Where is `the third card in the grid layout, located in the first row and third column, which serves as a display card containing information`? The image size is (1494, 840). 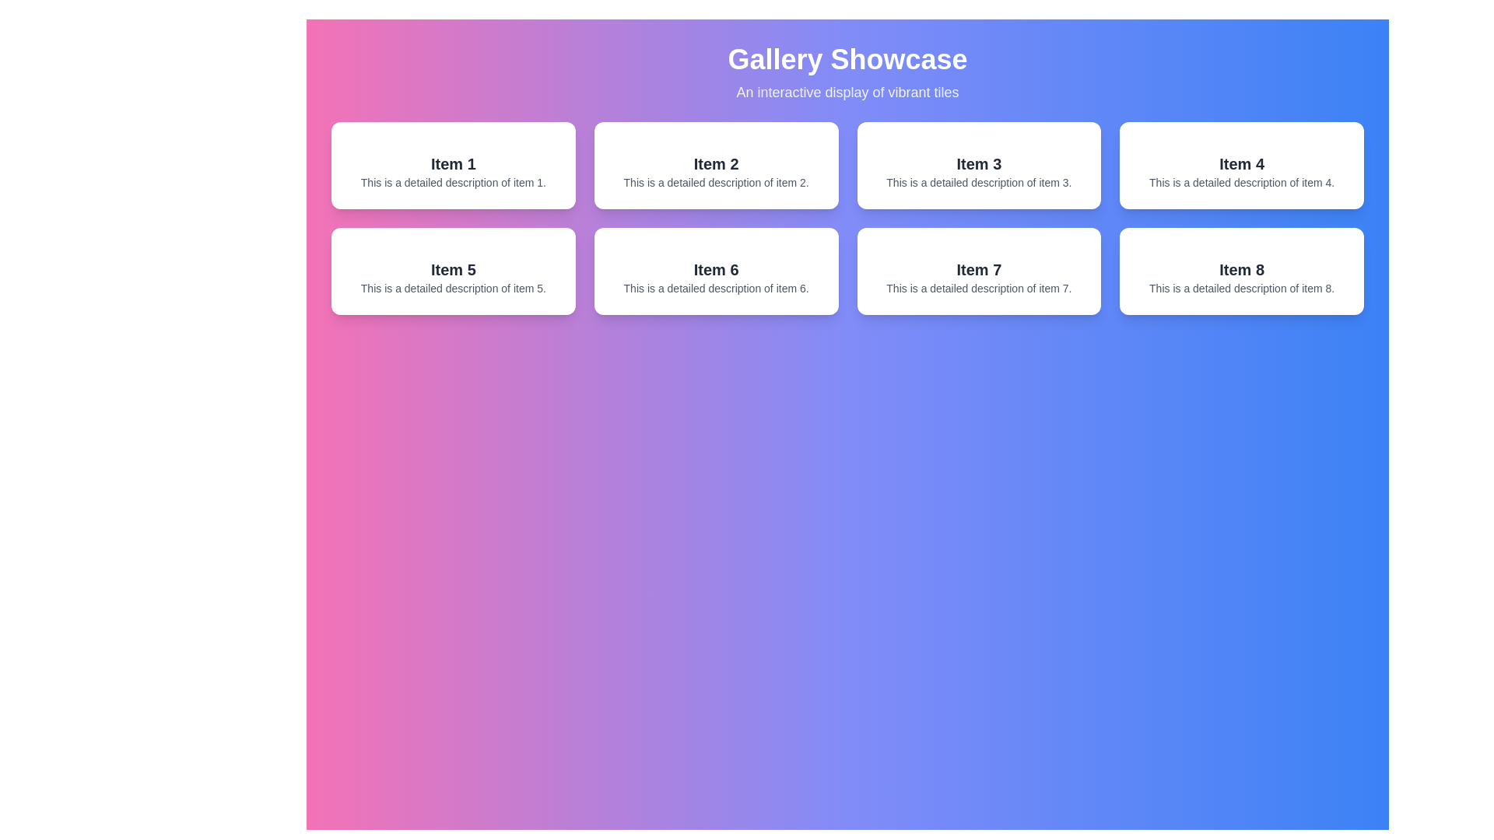
the third card in the grid layout, located in the first row and third column, which serves as a display card containing information is located at coordinates (978, 165).